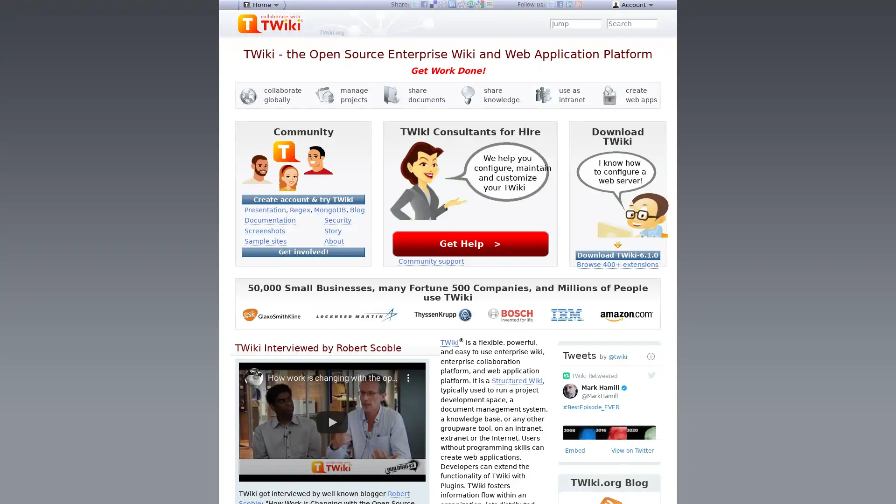 The height and width of the screenshot is (504, 896). What do you see at coordinates (303, 251) in the screenshot?
I see `Get involved!` at bounding box center [303, 251].